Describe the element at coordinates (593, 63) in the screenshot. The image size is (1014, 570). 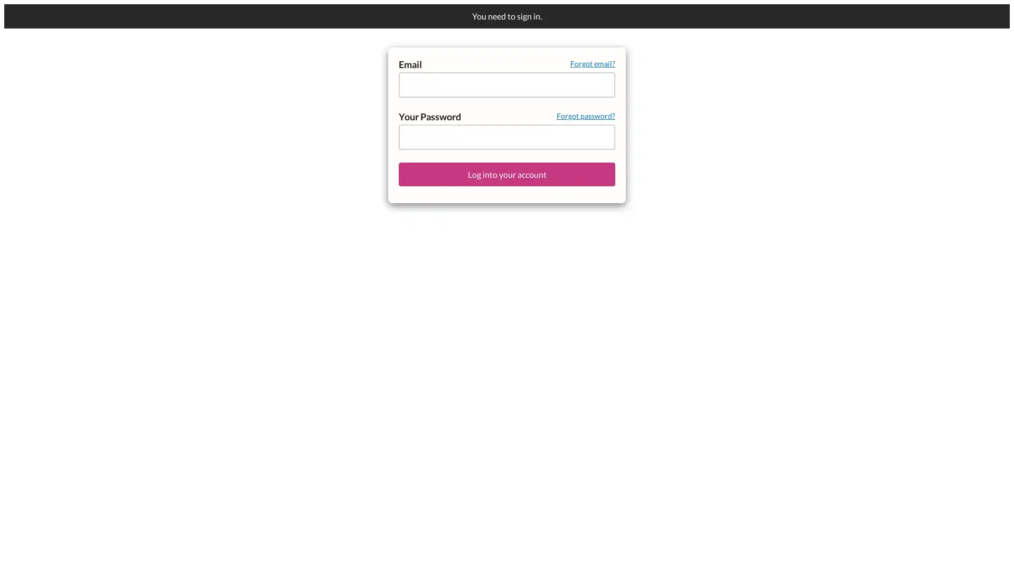
I see `Forgot email?` at that location.